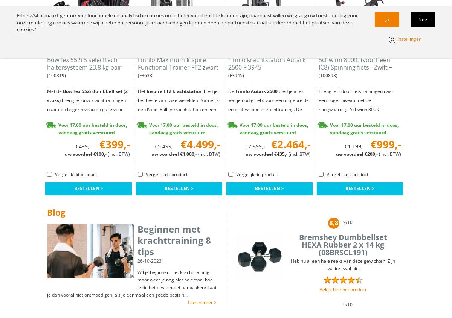  What do you see at coordinates (151, 154) in the screenshot?
I see `'uw voordeel €1.000,-'` at bounding box center [151, 154].